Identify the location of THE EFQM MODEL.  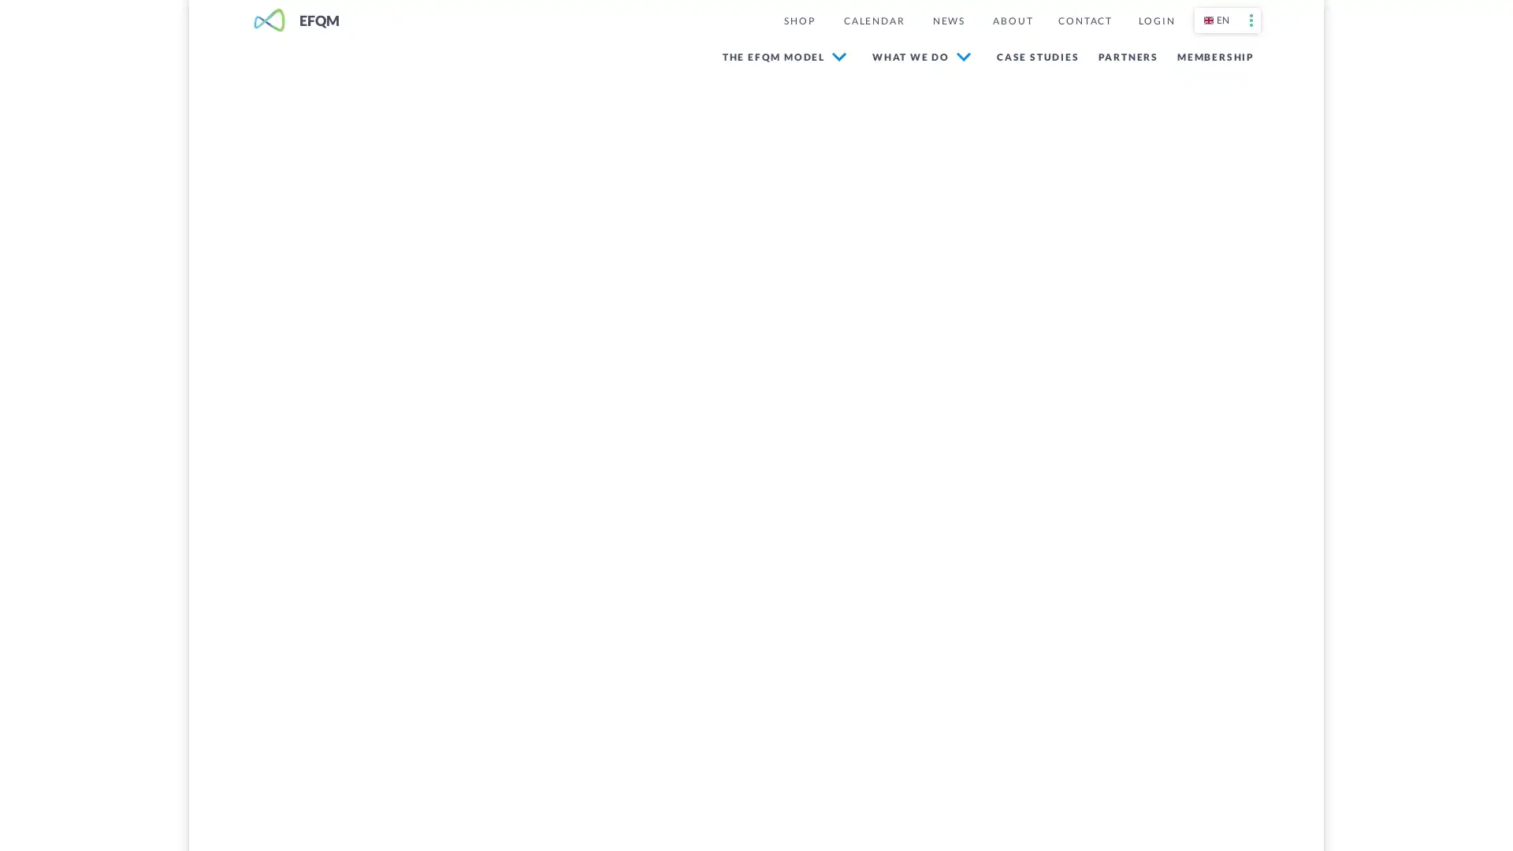
(783, 56).